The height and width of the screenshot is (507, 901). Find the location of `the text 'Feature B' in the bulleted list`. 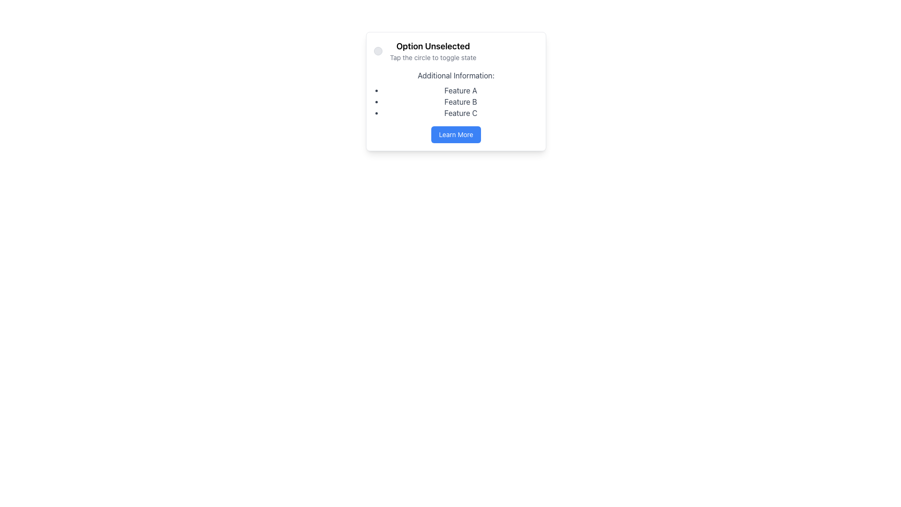

the text 'Feature B' in the bulleted list is located at coordinates (461, 101).